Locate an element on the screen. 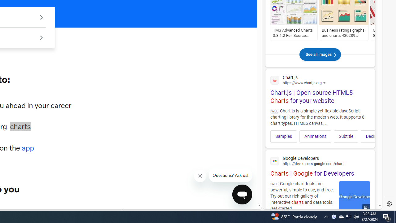  'Animations' is located at coordinates (316, 136).